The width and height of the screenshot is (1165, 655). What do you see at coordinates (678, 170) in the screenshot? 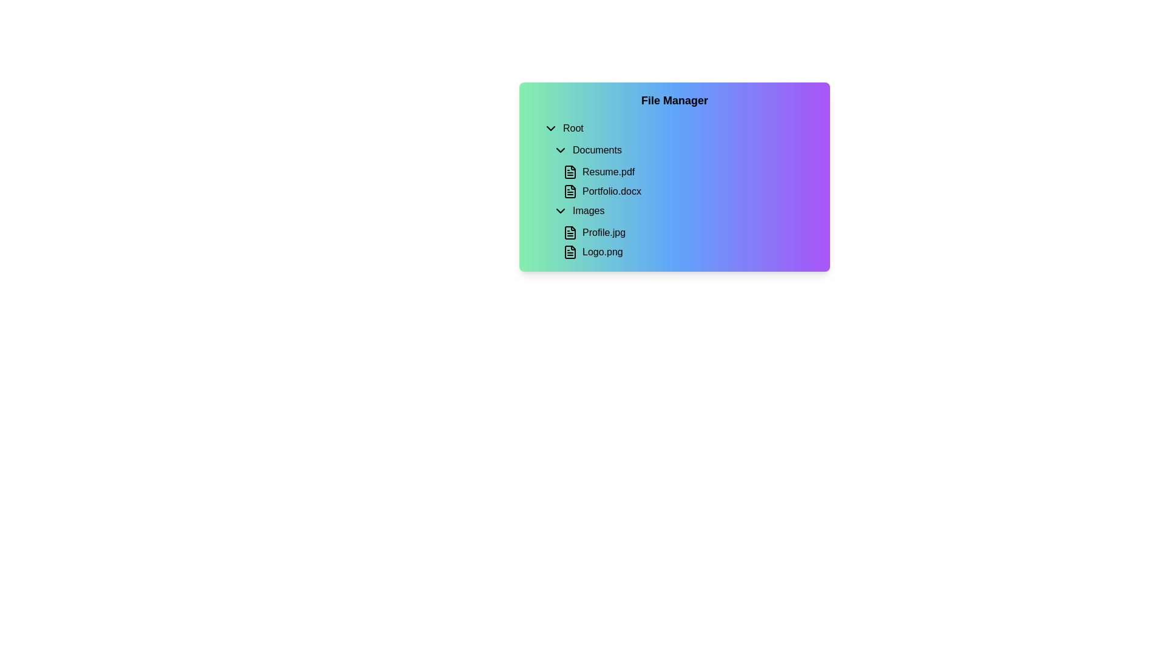
I see `the 'Portfolio.docx' file listed under the 'Documents' section in the File Listing Section of the File Manager interface` at bounding box center [678, 170].